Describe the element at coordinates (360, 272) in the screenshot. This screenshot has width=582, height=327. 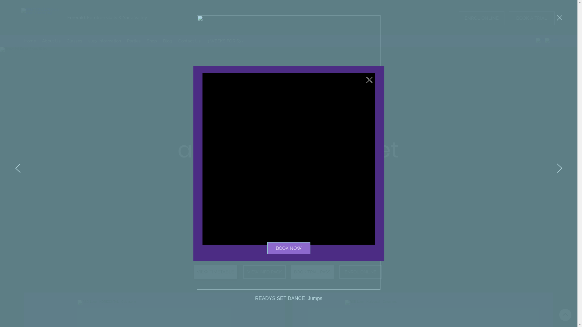
I see `'ENROL ONLINE'` at that location.